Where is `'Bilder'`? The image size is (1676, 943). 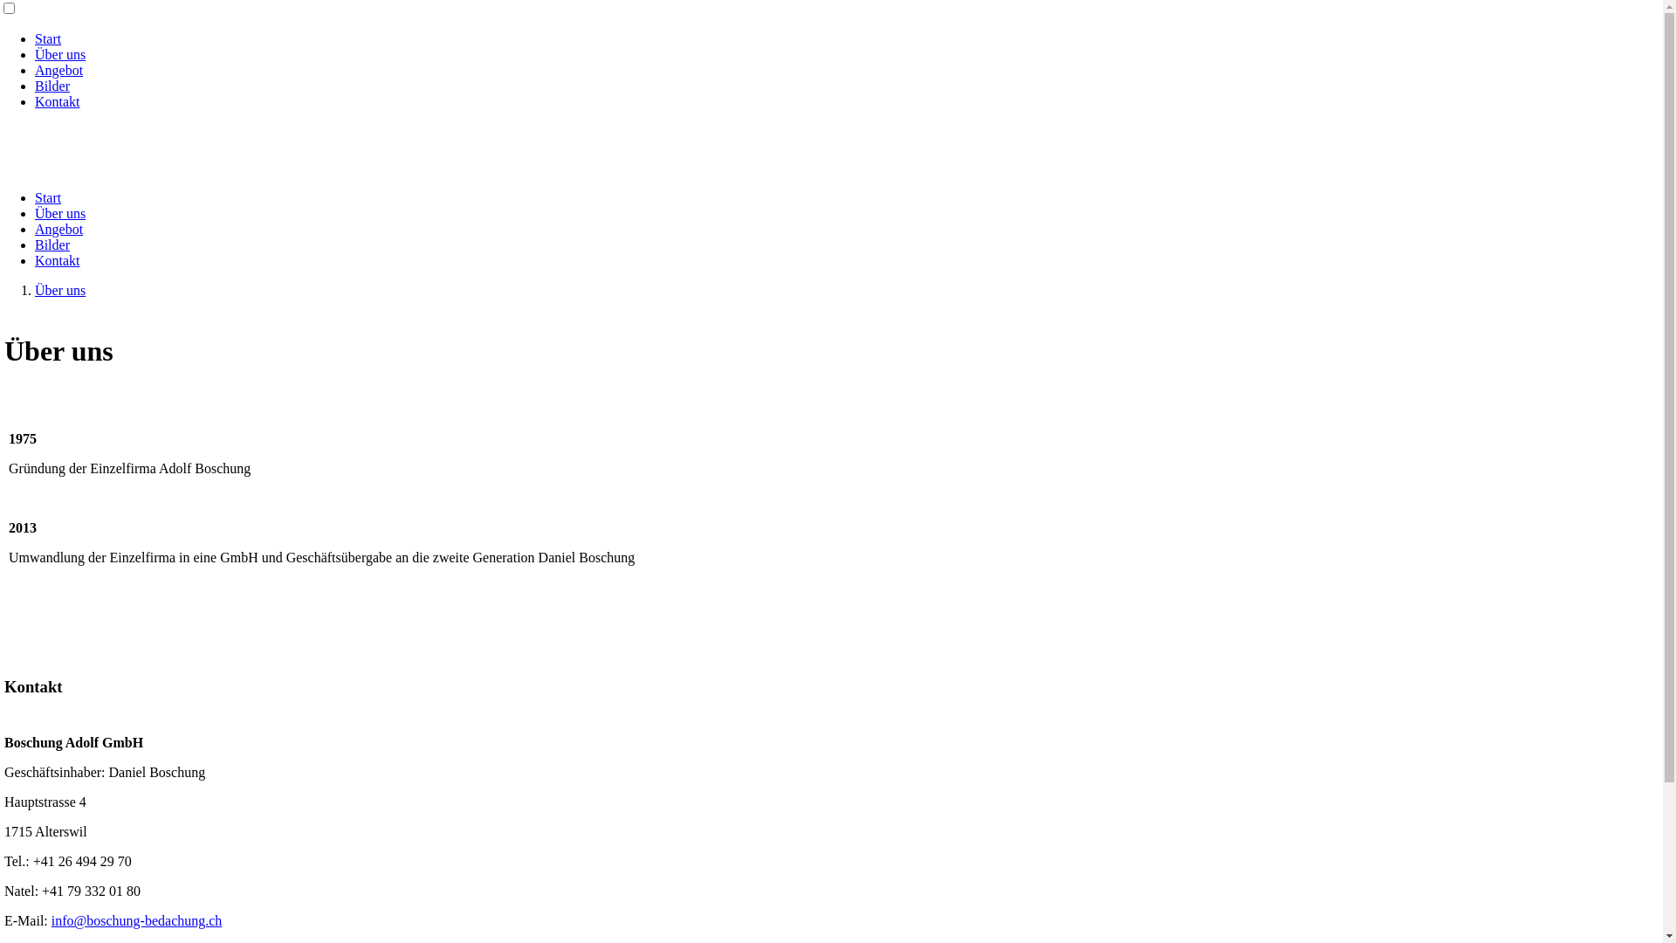 'Bilder' is located at coordinates (52, 244).